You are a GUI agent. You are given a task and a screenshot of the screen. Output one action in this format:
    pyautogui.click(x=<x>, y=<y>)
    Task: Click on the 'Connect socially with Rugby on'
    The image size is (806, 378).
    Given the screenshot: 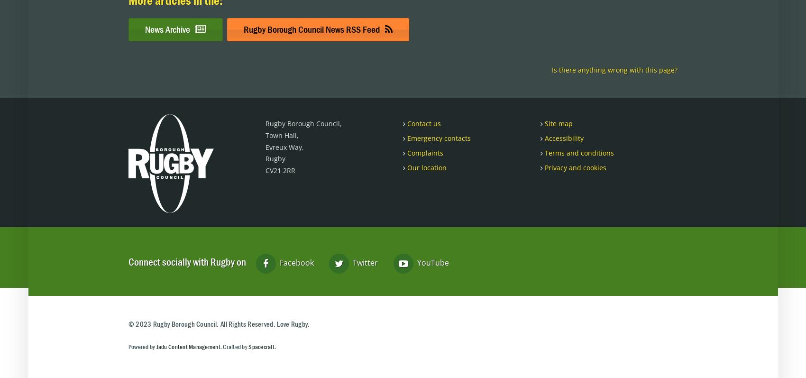 What is the action you would take?
    pyautogui.click(x=186, y=262)
    